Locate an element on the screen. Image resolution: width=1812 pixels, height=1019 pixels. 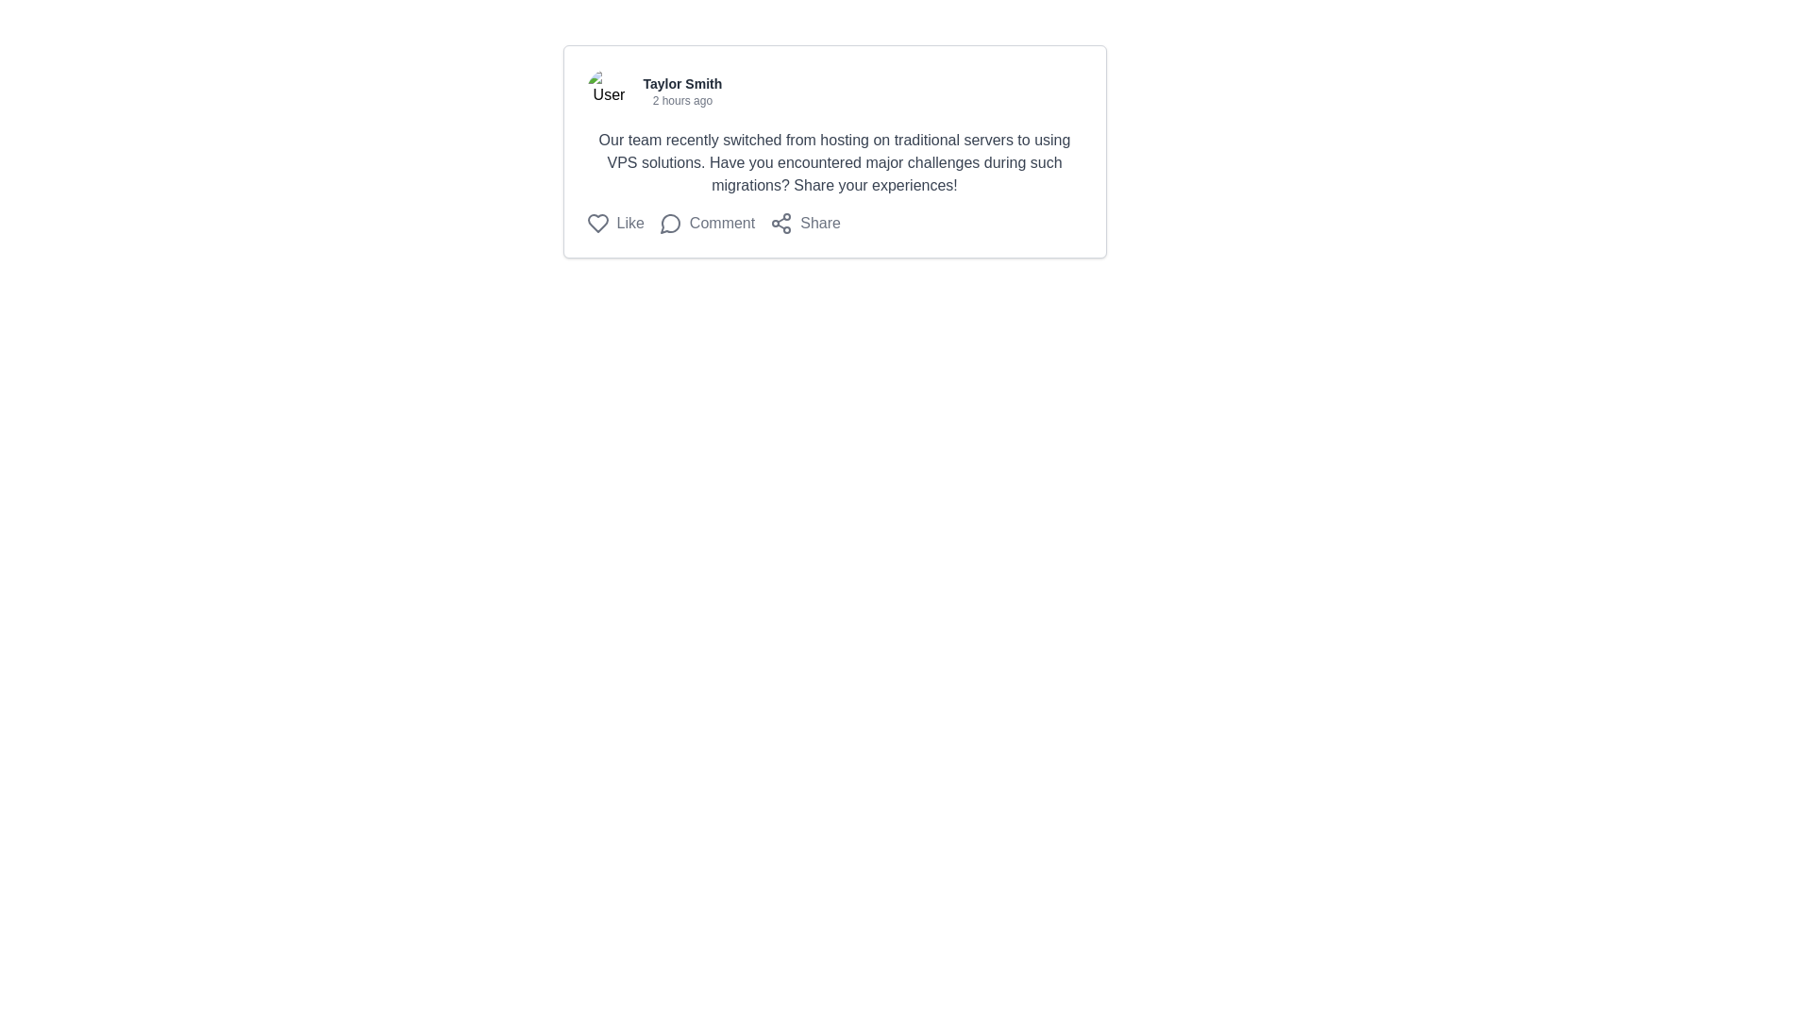
the heart icon located in the lower-left corner of the post card body to like the post is located at coordinates (596, 222).